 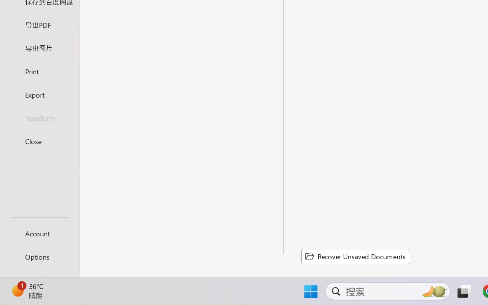 What do you see at coordinates (39, 233) in the screenshot?
I see `'Account'` at bounding box center [39, 233].